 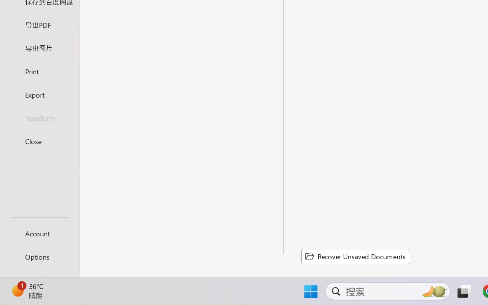 What do you see at coordinates (39, 233) in the screenshot?
I see `'Account'` at bounding box center [39, 233].